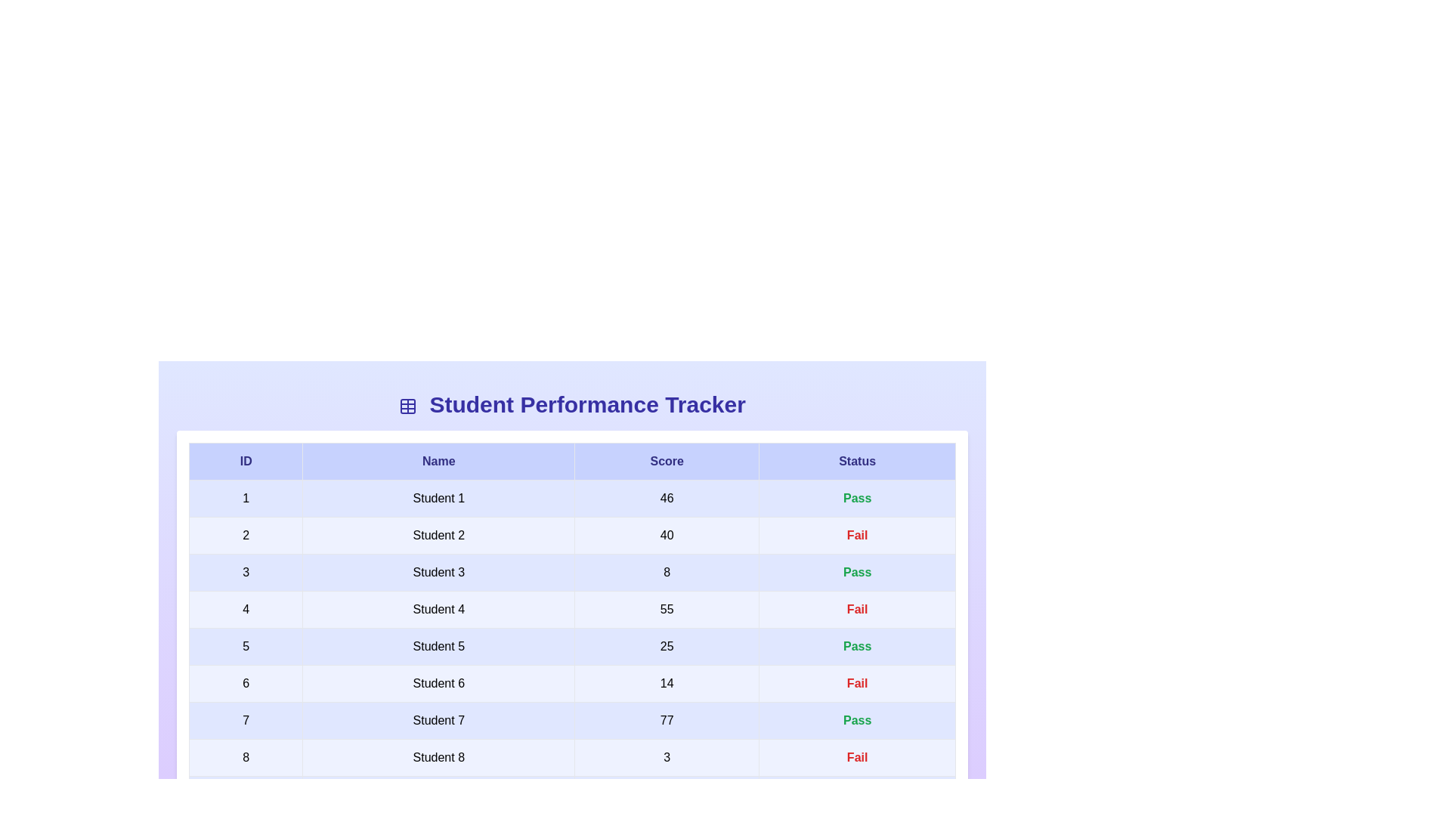  I want to click on the header text 'Student Performance Tracker' to bring focus to it, so click(571, 404).